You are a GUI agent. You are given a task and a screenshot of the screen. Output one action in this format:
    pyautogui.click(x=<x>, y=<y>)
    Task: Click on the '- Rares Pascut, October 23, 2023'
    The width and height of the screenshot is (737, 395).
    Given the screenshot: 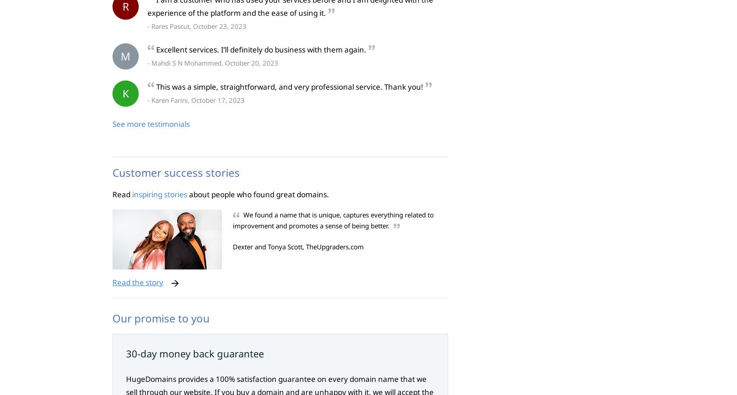 What is the action you would take?
    pyautogui.click(x=147, y=25)
    